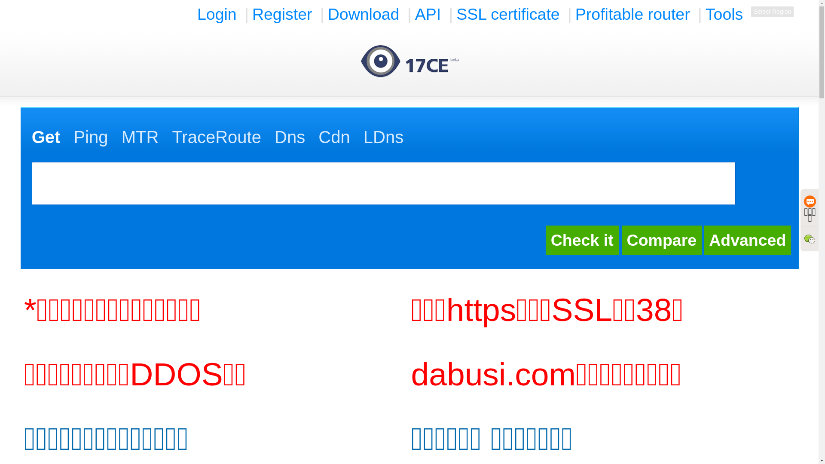 The height and width of the screenshot is (464, 825). What do you see at coordinates (703, 240) in the screenshot?
I see `'Advanced'` at bounding box center [703, 240].